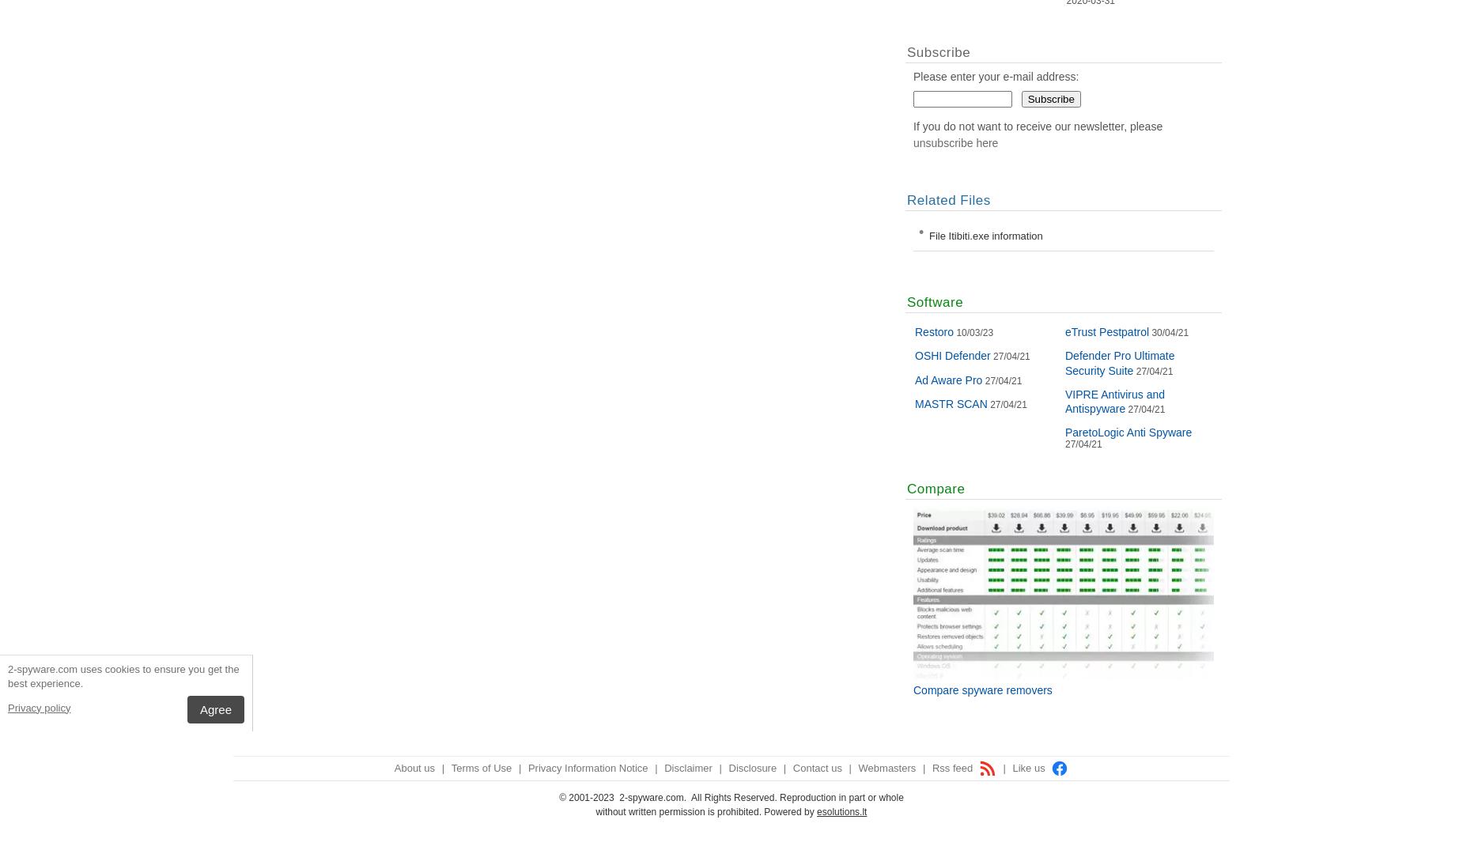  What do you see at coordinates (952, 767) in the screenshot?
I see `'Rss feed'` at bounding box center [952, 767].